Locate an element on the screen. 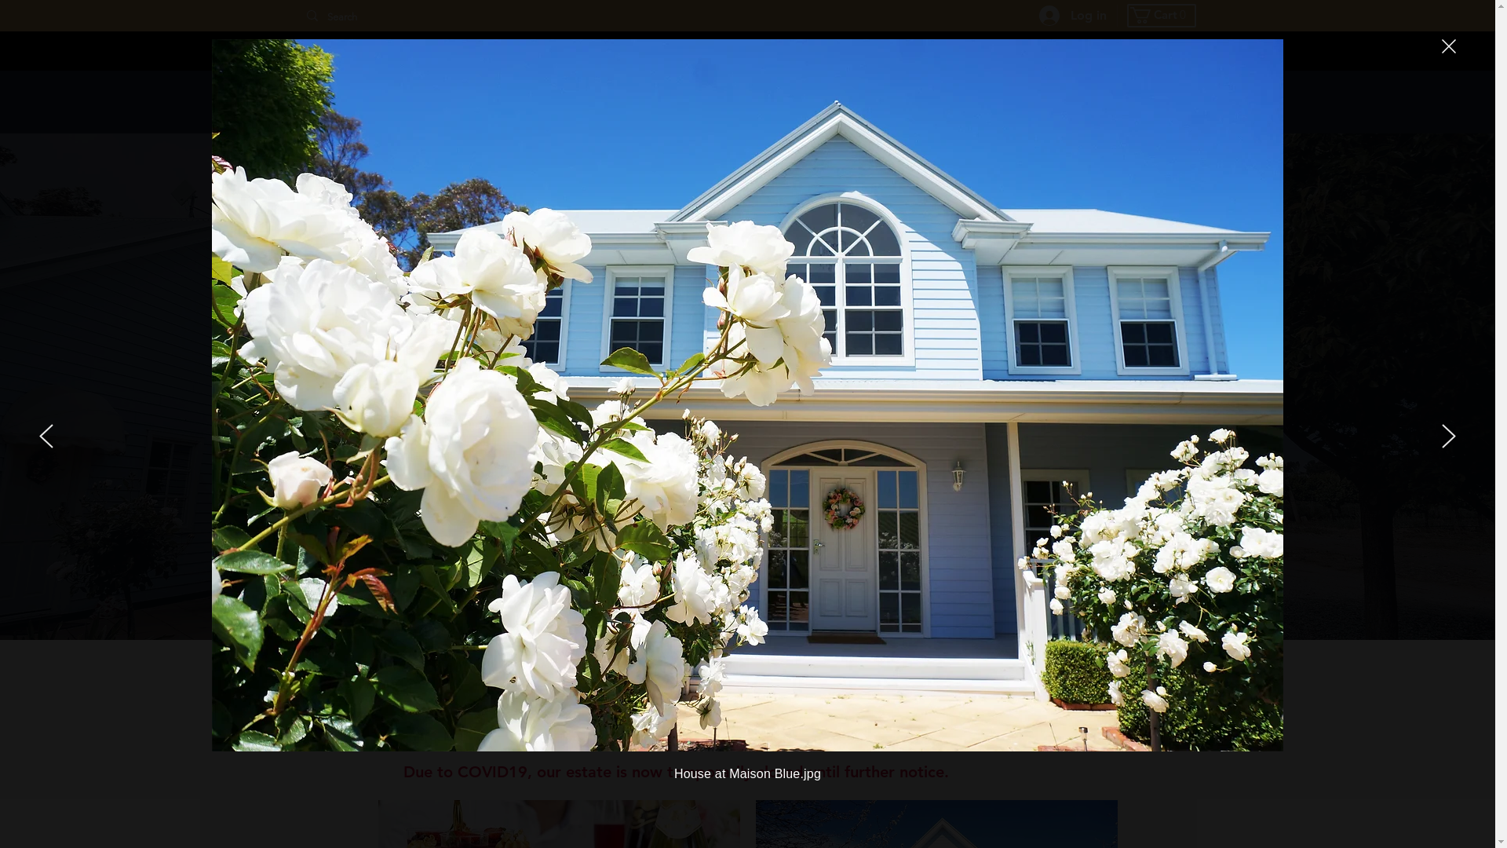  'BLACK FRIDAY SALES!!! ENJOY UP TO 50% OFF' is located at coordinates (746, 49).